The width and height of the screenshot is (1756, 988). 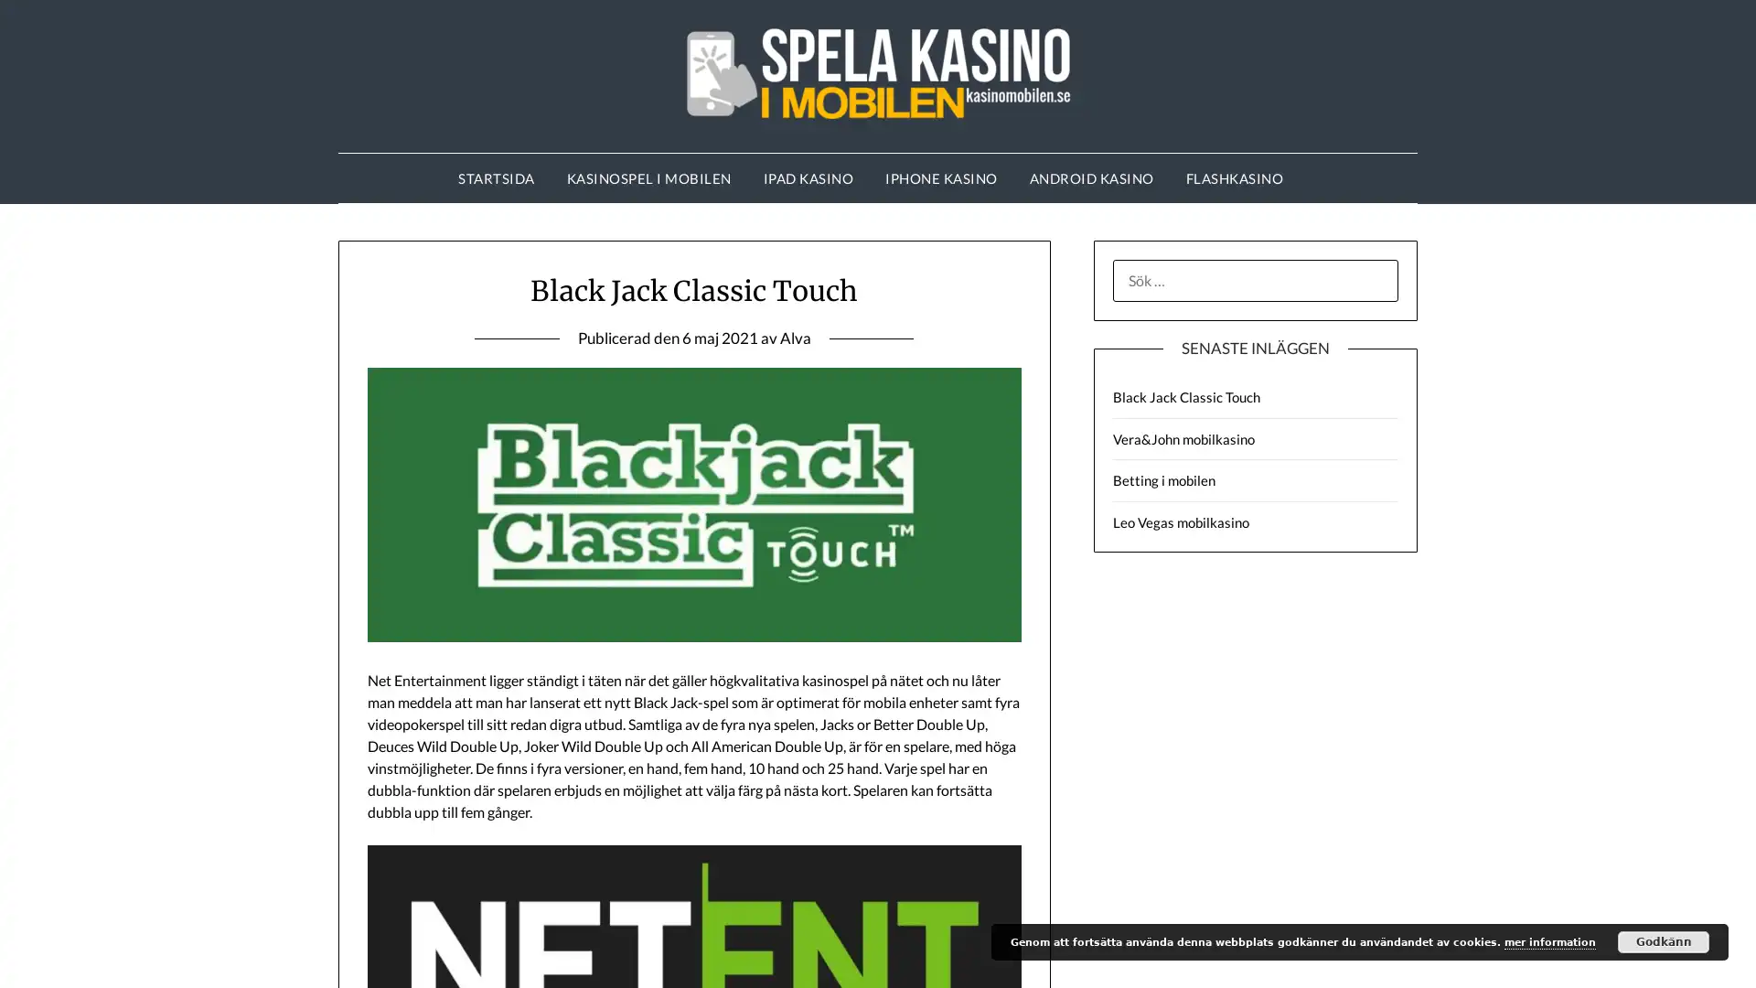 What do you see at coordinates (1664, 941) in the screenshot?
I see `Godkann` at bounding box center [1664, 941].